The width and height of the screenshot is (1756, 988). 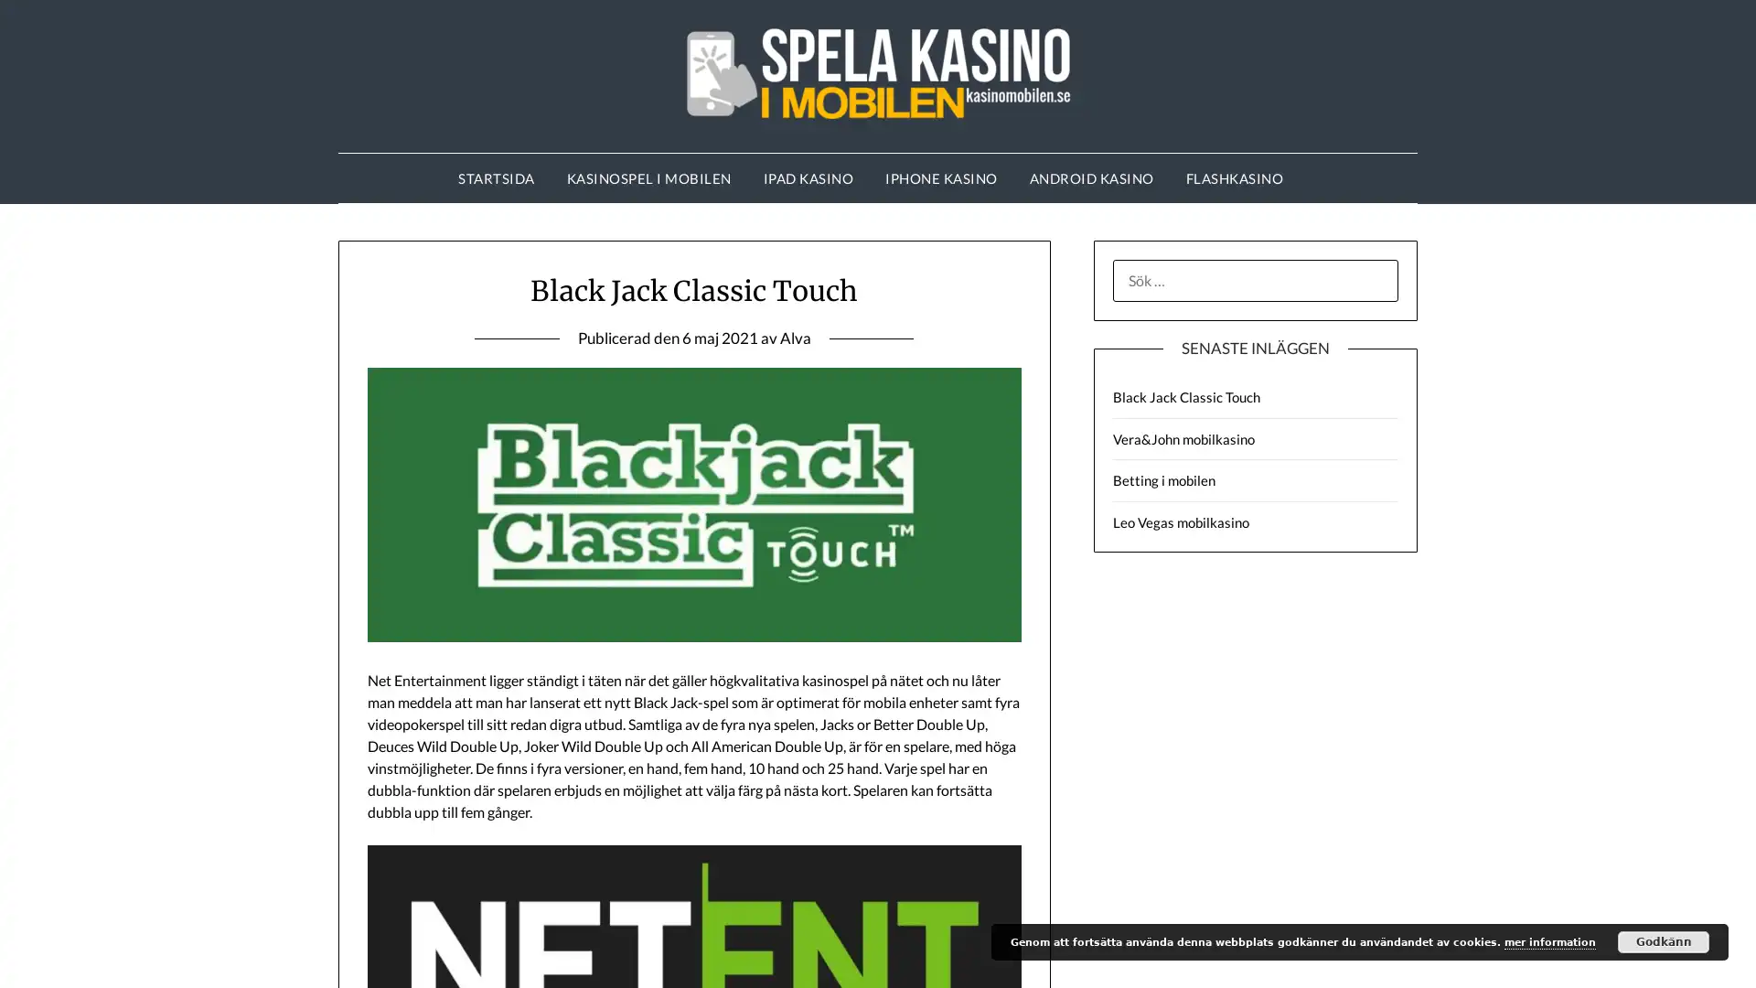 What do you see at coordinates (1664, 941) in the screenshot?
I see `Godkann` at bounding box center [1664, 941].